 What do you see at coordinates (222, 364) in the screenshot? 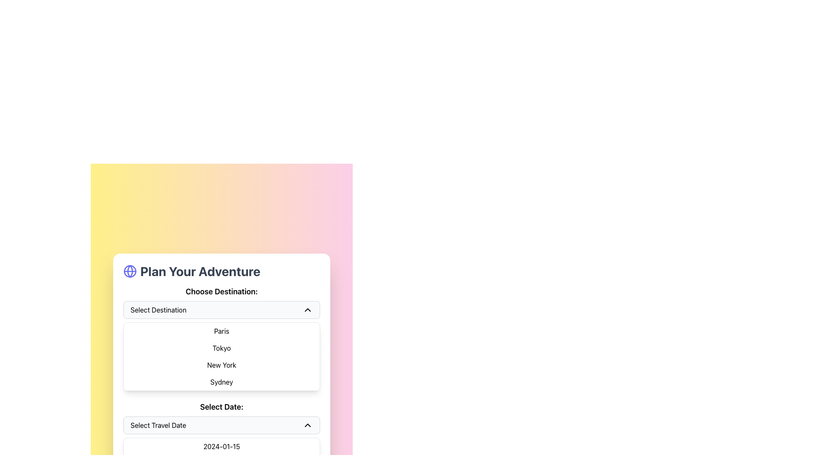
I see `the text item labeled 'New York' in the dropdown menu to trigger the background color change to indigo` at bounding box center [222, 364].